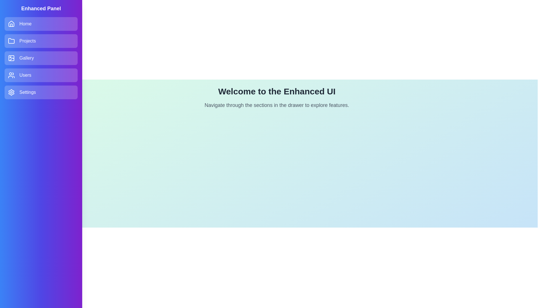 Image resolution: width=548 pixels, height=308 pixels. Describe the element at coordinates (41, 24) in the screenshot. I see `the Home section in the drawer` at that location.